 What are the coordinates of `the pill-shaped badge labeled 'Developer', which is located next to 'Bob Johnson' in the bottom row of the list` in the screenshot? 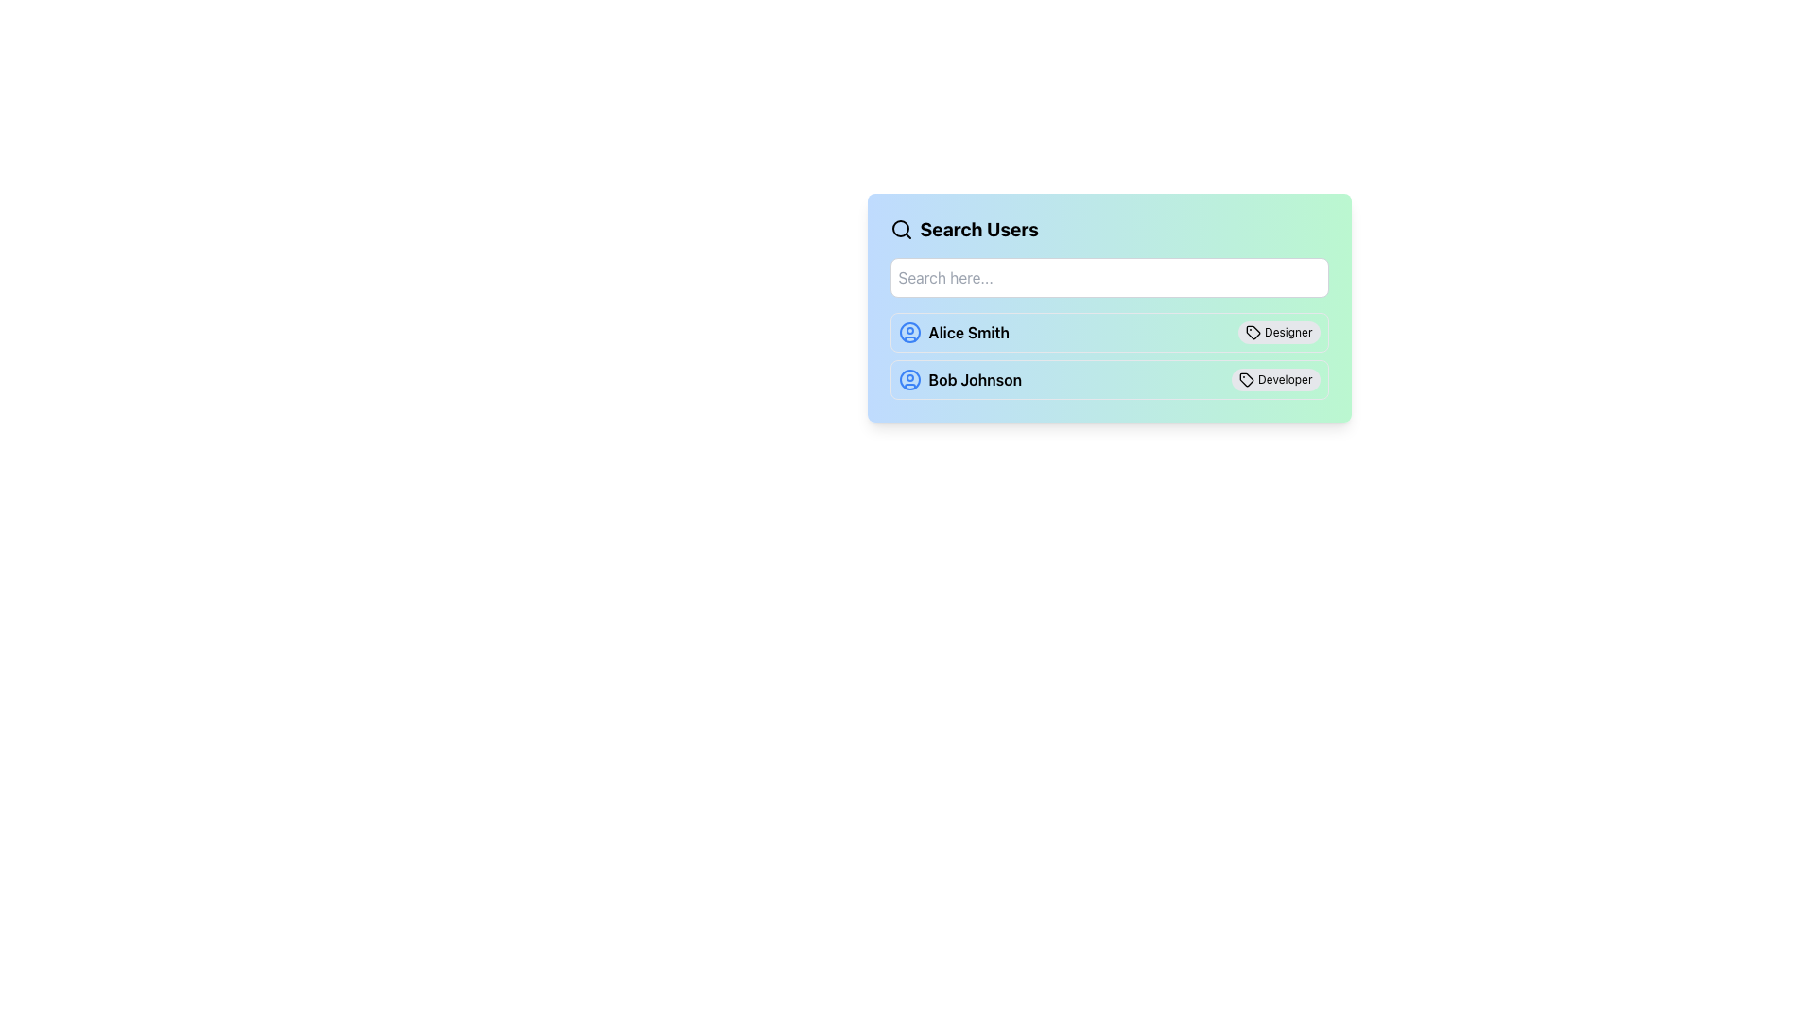 It's located at (1275, 379).